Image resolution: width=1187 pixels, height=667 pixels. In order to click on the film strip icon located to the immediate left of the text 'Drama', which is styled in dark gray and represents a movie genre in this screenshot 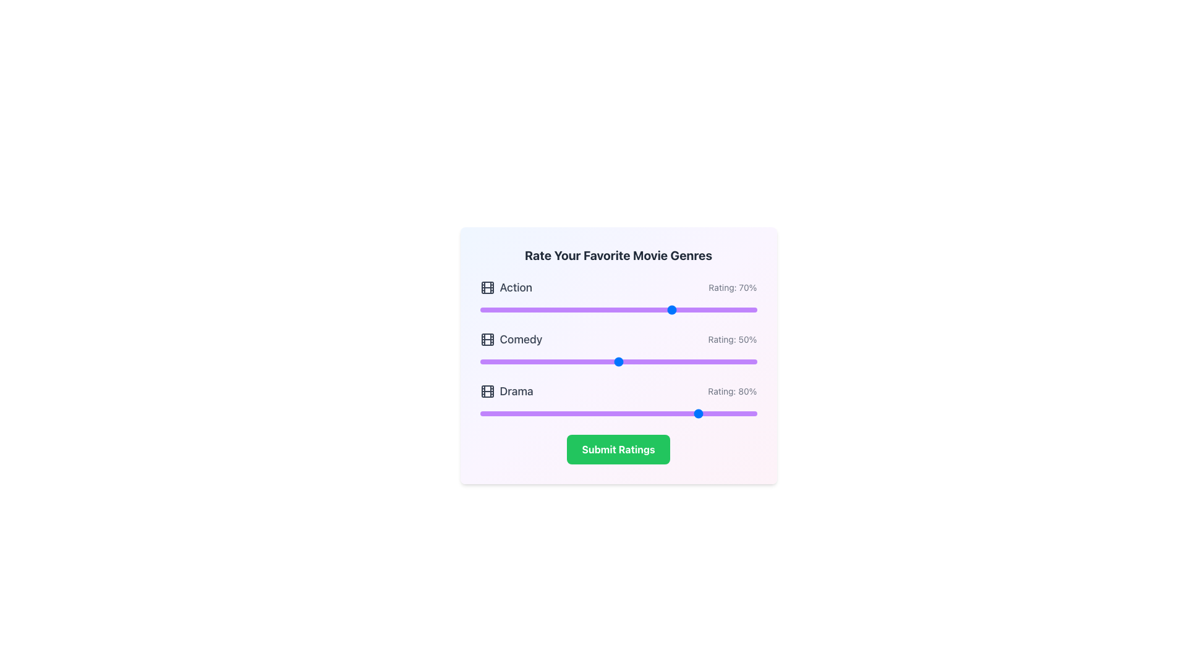, I will do `click(487, 391)`.